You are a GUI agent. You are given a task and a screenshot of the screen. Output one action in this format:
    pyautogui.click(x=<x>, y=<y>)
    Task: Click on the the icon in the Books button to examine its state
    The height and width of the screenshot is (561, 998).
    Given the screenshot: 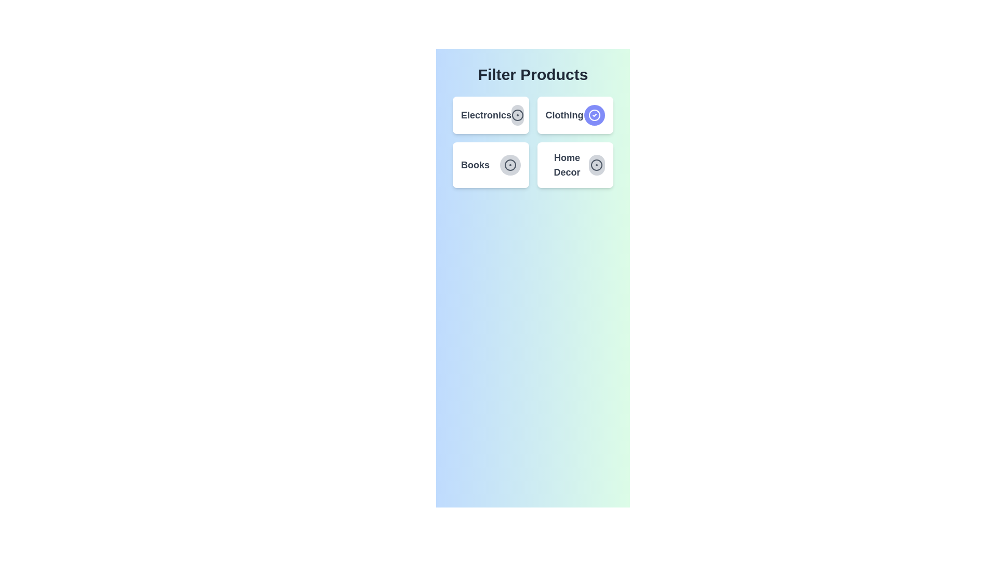 What is the action you would take?
    pyautogui.click(x=510, y=164)
    